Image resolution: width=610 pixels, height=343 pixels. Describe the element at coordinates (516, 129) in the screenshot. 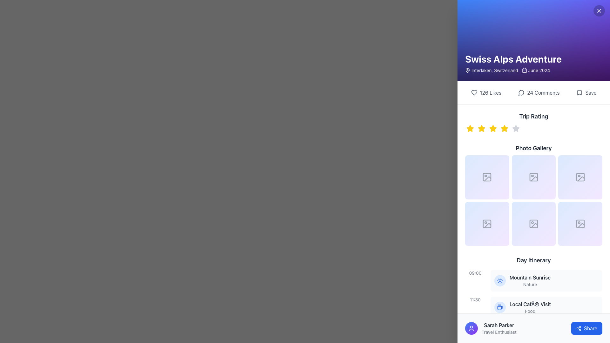

I see `the fifth star icon in the rating section under the 'Trip Rating' heading` at that location.